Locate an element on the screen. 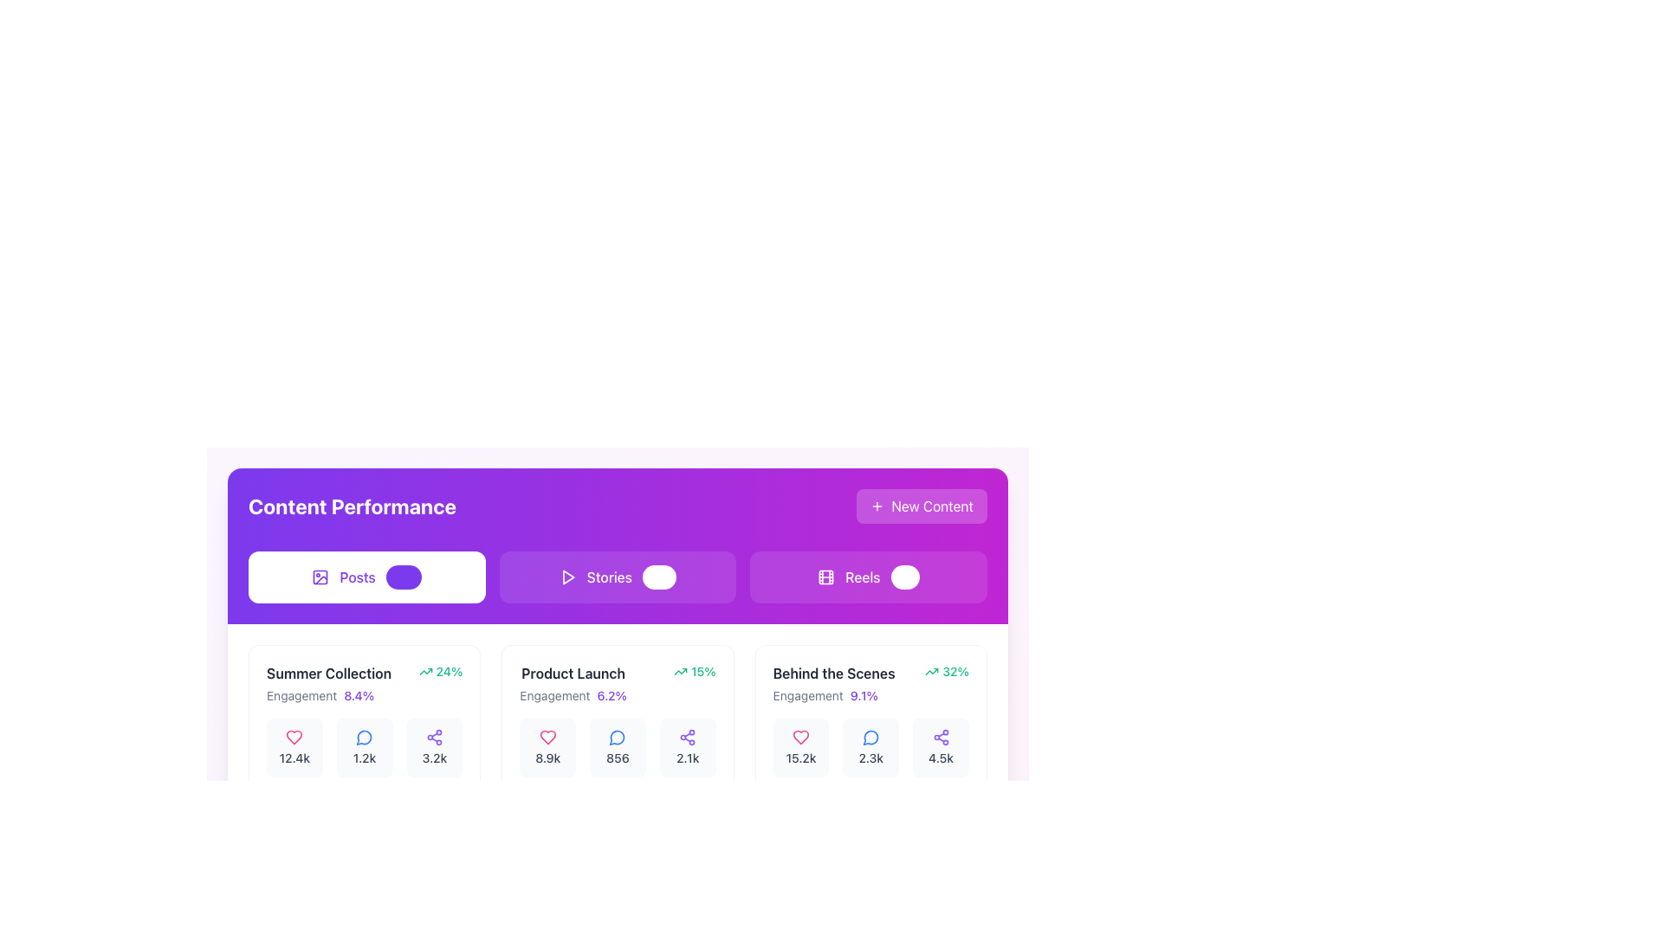 The width and height of the screenshot is (1663, 935). the Icon with text representing the count of comments or interactions in the 'Behind the Scenes' section, located at the bottom right of the interface, which is the middle option in a grid of three icons is located at coordinates (870, 747).